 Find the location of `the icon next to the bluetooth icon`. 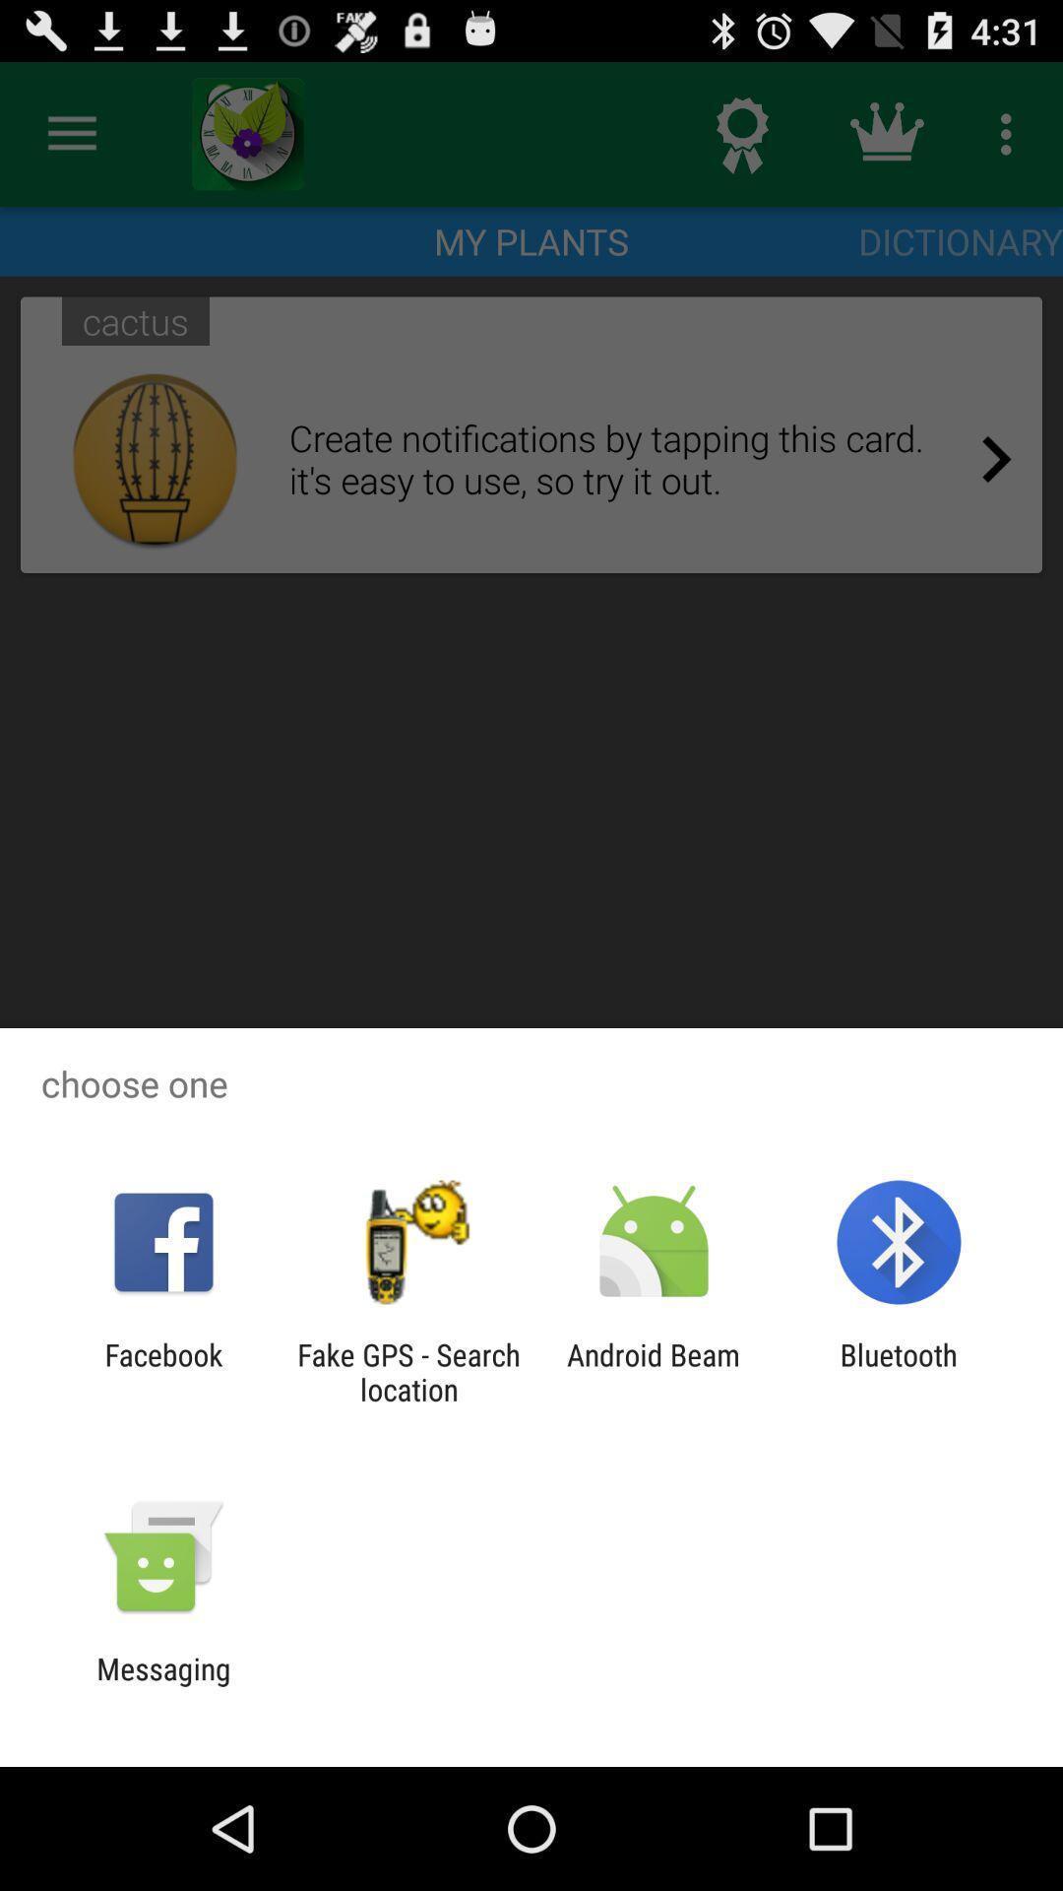

the icon next to the bluetooth icon is located at coordinates (654, 1371).